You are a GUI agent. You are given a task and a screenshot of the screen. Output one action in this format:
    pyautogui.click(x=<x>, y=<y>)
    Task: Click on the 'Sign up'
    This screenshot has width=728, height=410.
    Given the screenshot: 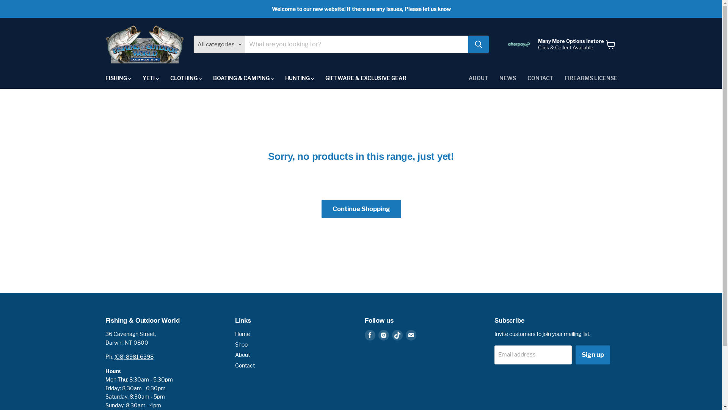 What is the action you would take?
    pyautogui.click(x=575, y=355)
    